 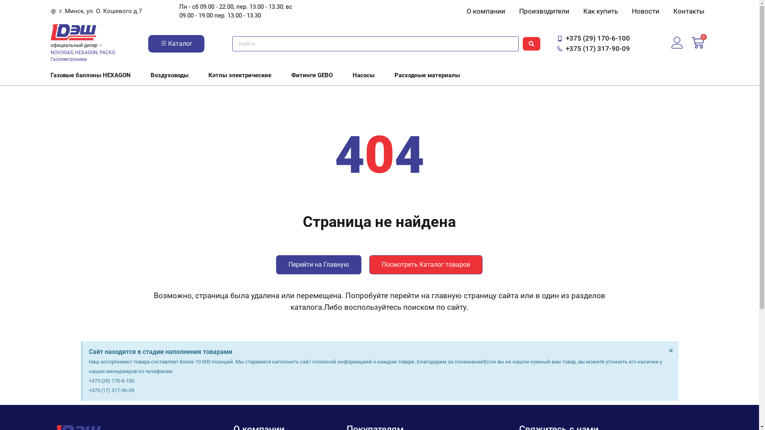 I want to click on '0', so click(x=697, y=44).